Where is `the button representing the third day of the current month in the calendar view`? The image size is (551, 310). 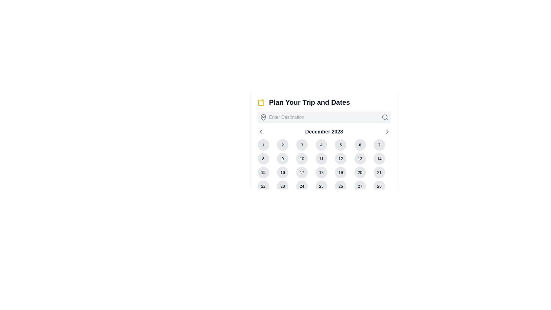
the button representing the third day of the current month in the calendar view is located at coordinates (302, 145).